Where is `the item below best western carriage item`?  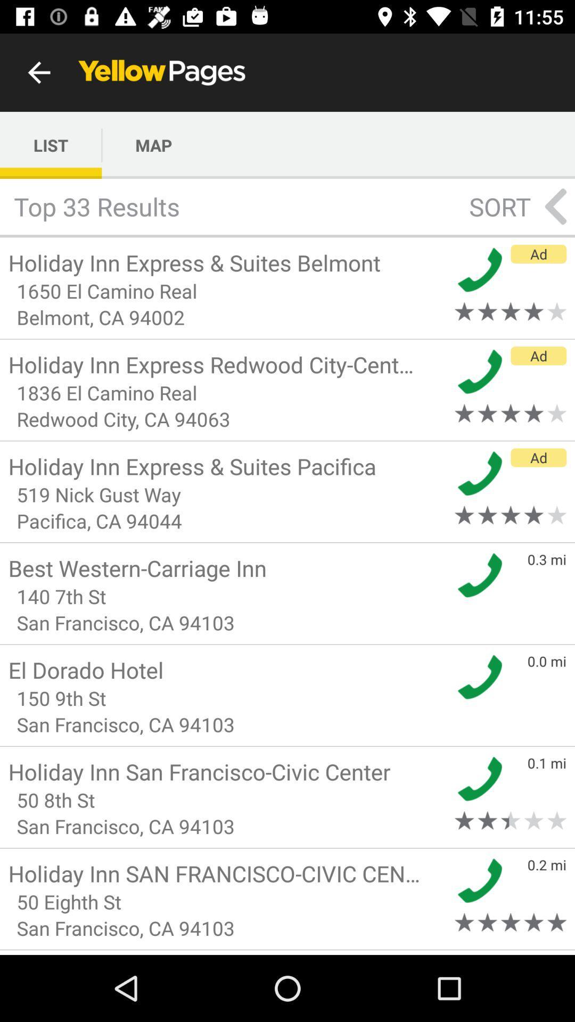
the item below best western carriage item is located at coordinates (227, 596).